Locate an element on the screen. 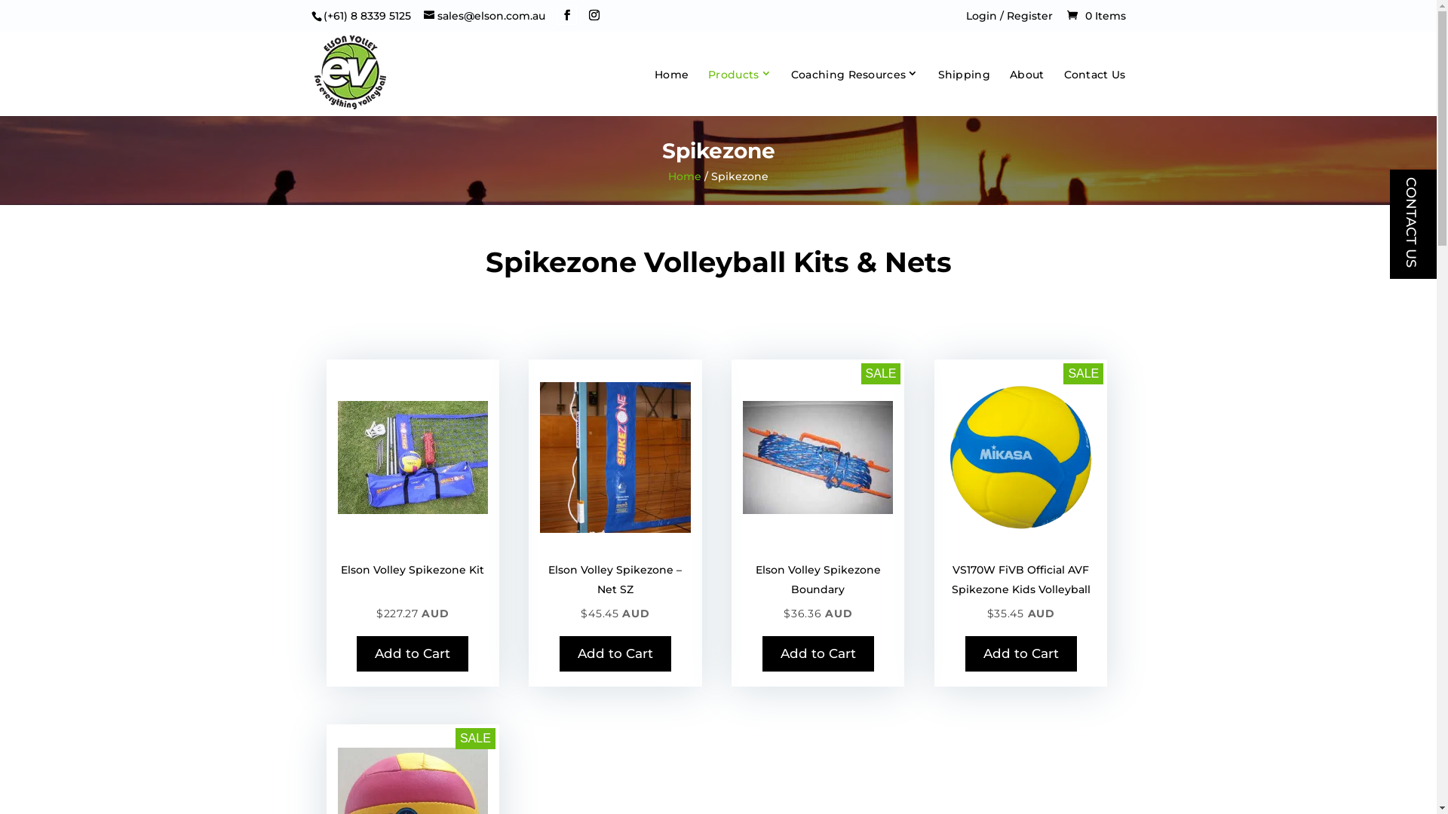 Image resolution: width=1448 pixels, height=814 pixels. '0 Items' is located at coordinates (1096, 15).